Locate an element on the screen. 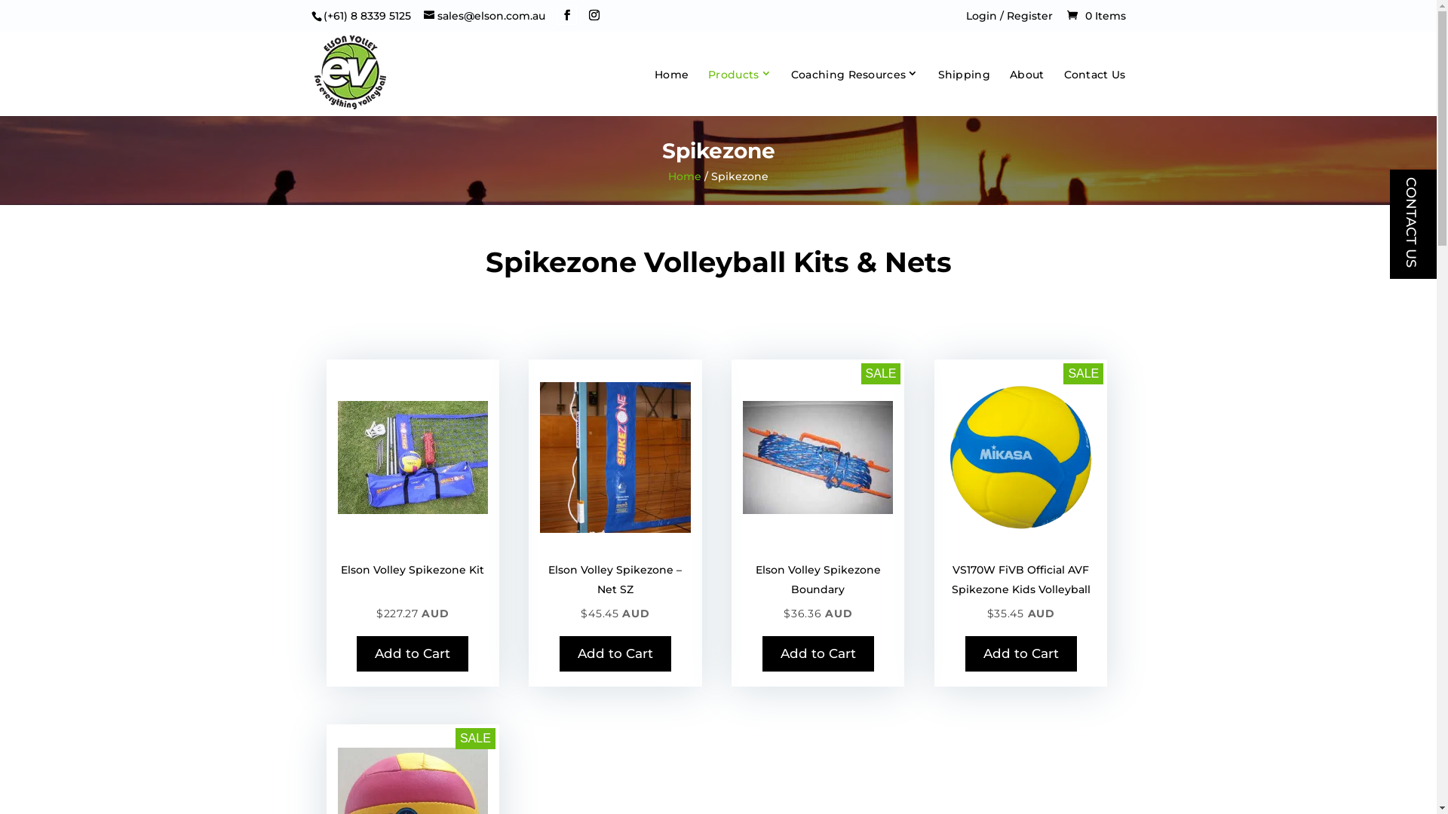 Image resolution: width=1448 pixels, height=814 pixels. '0 Items' is located at coordinates (1096, 15).